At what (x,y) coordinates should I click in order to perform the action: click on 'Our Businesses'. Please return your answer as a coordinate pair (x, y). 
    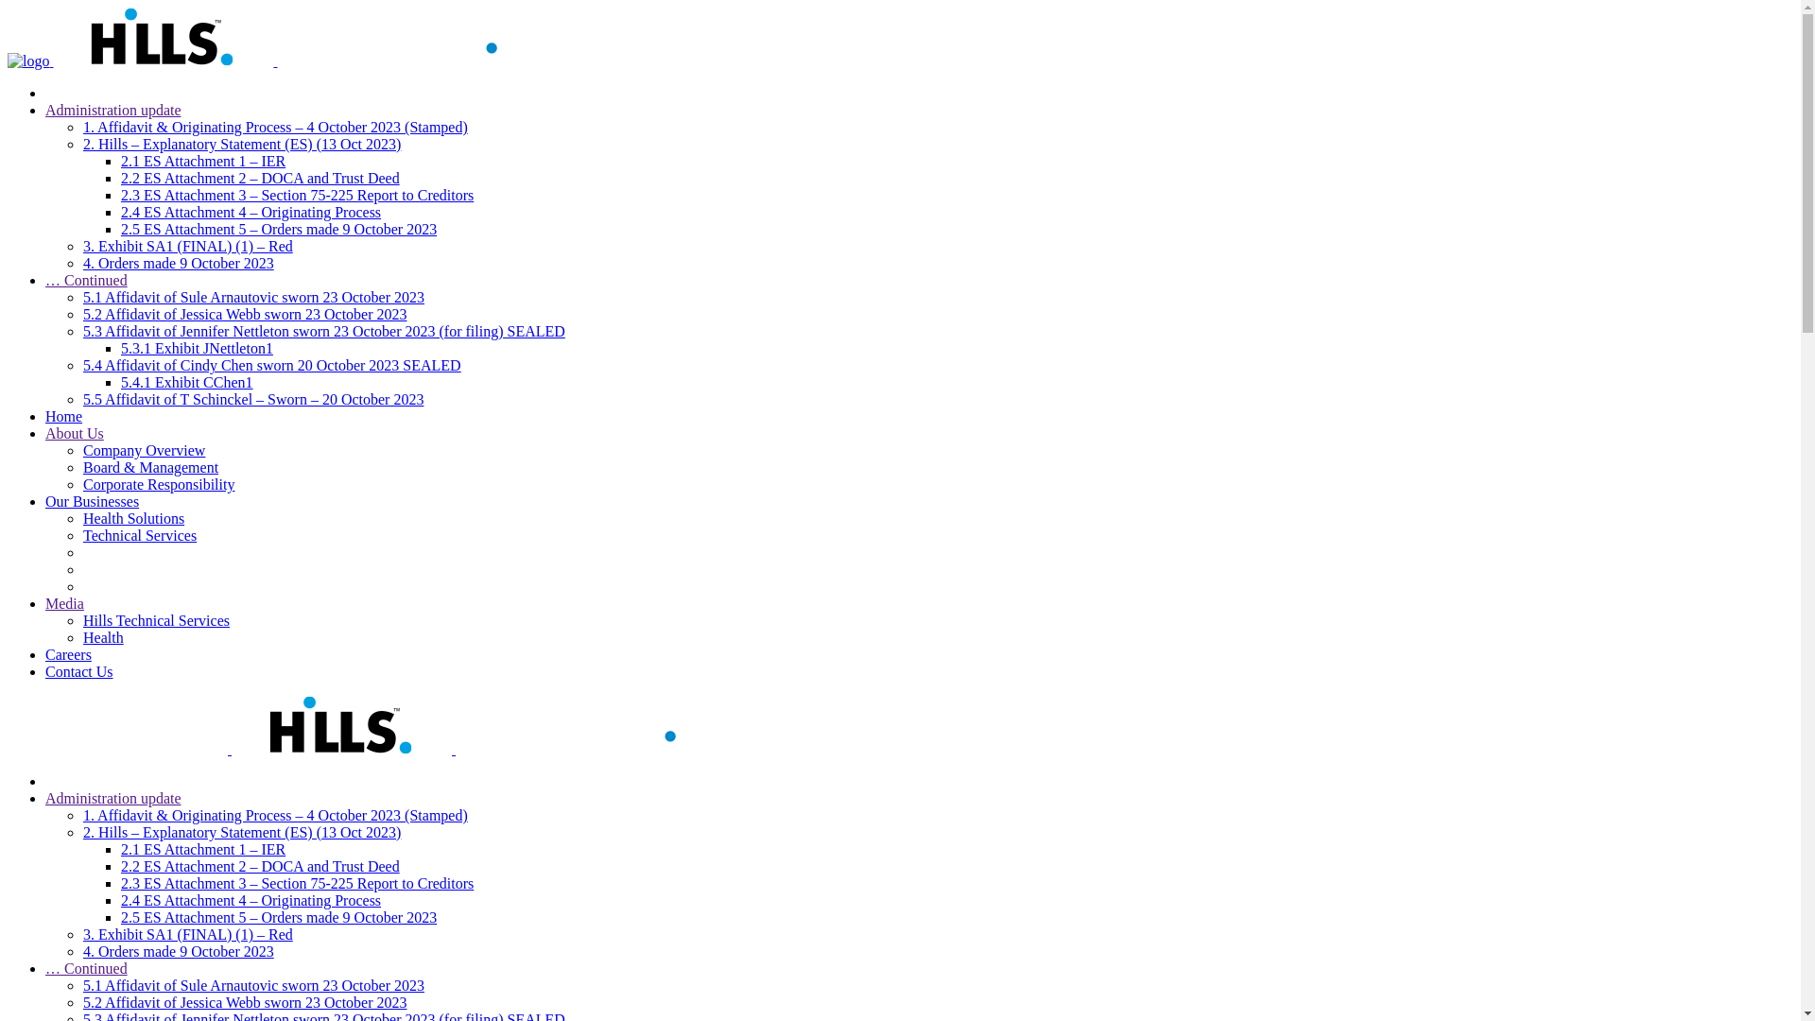
    Looking at the image, I should click on (91, 500).